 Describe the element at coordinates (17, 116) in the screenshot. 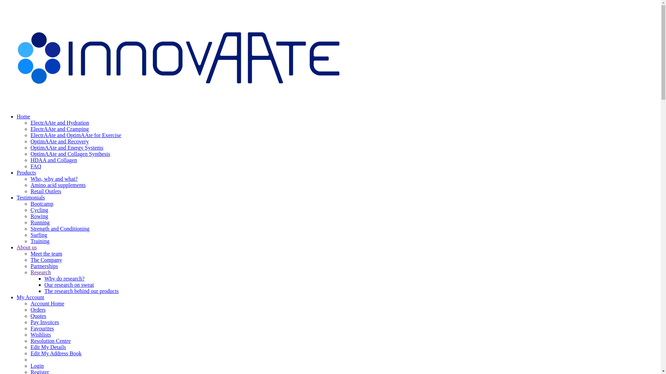

I see `'Home'` at that location.